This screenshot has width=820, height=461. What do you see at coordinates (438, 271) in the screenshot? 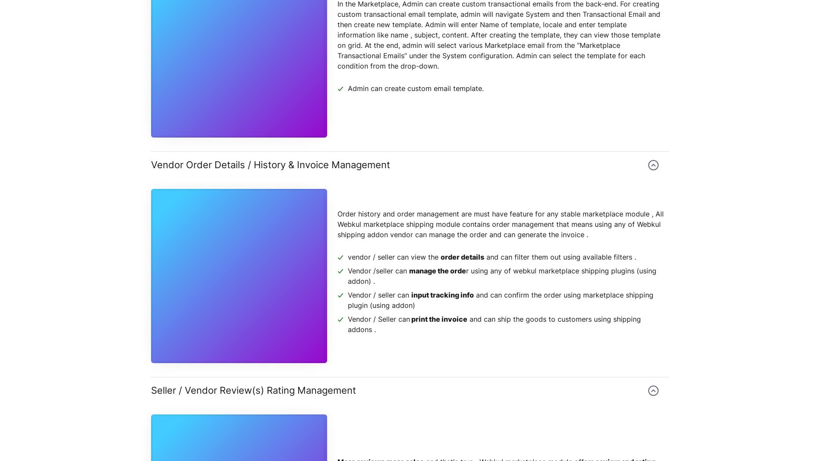
I see `'manage the orde'` at bounding box center [438, 271].